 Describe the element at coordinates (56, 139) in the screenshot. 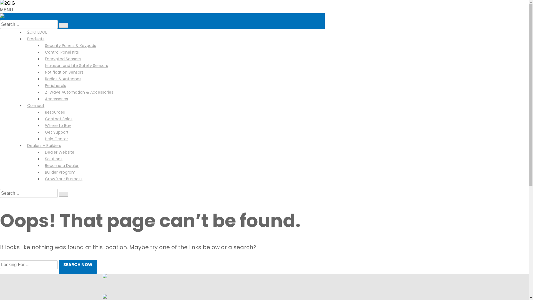

I see `'Help Center'` at that location.